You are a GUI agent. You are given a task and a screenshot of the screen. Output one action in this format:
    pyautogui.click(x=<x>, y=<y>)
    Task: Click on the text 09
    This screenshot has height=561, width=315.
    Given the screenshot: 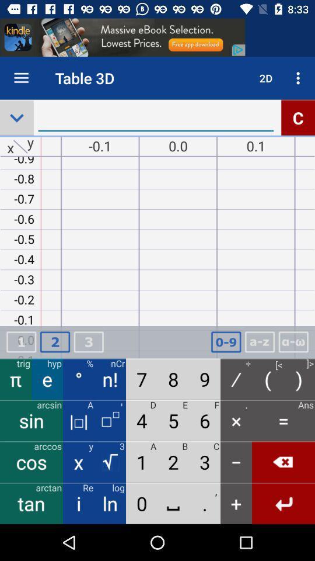 What is the action you would take?
    pyautogui.click(x=226, y=342)
    